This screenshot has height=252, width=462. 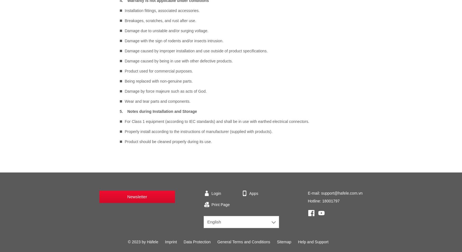 What do you see at coordinates (331, 201) in the screenshot?
I see `'18001797'` at bounding box center [331, 201].